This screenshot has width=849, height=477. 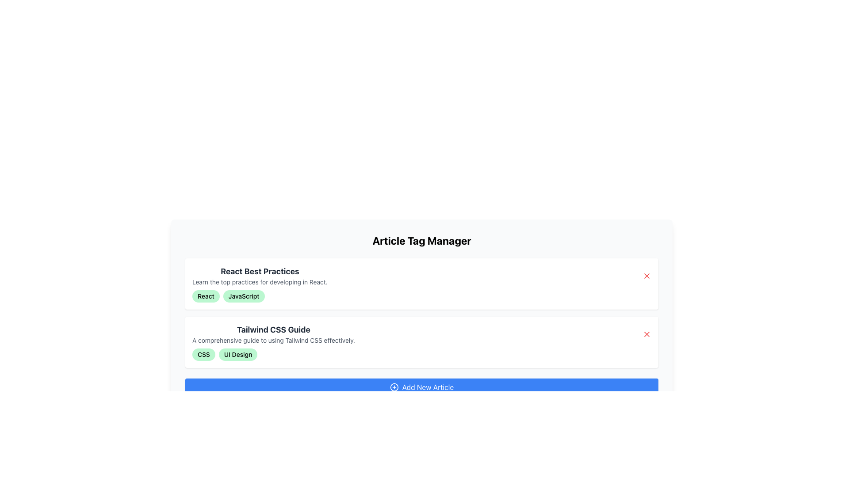 What do you see at coordinates (203, 354) in the screenshot?
I see `the small, pill-shaped tag with a light green background and the text 'CSS' in bold black font, which is the first element in a horizontal row of tags below the 'Tailwind CSS Guide'` at bounding box center [203, 354].